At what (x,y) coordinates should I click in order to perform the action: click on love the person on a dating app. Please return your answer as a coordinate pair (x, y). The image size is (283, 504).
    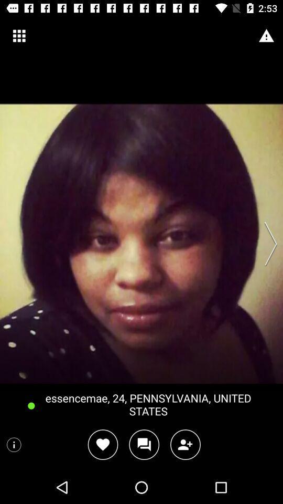
    Looking at the image, I should click on (103, 444).